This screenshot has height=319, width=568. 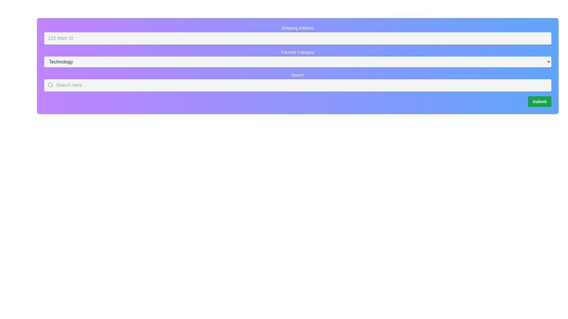 I want to click on text label displaying 'Favorite Category', which is positioned above the dropdown menu in the form segment, so click(x=298, y=52).